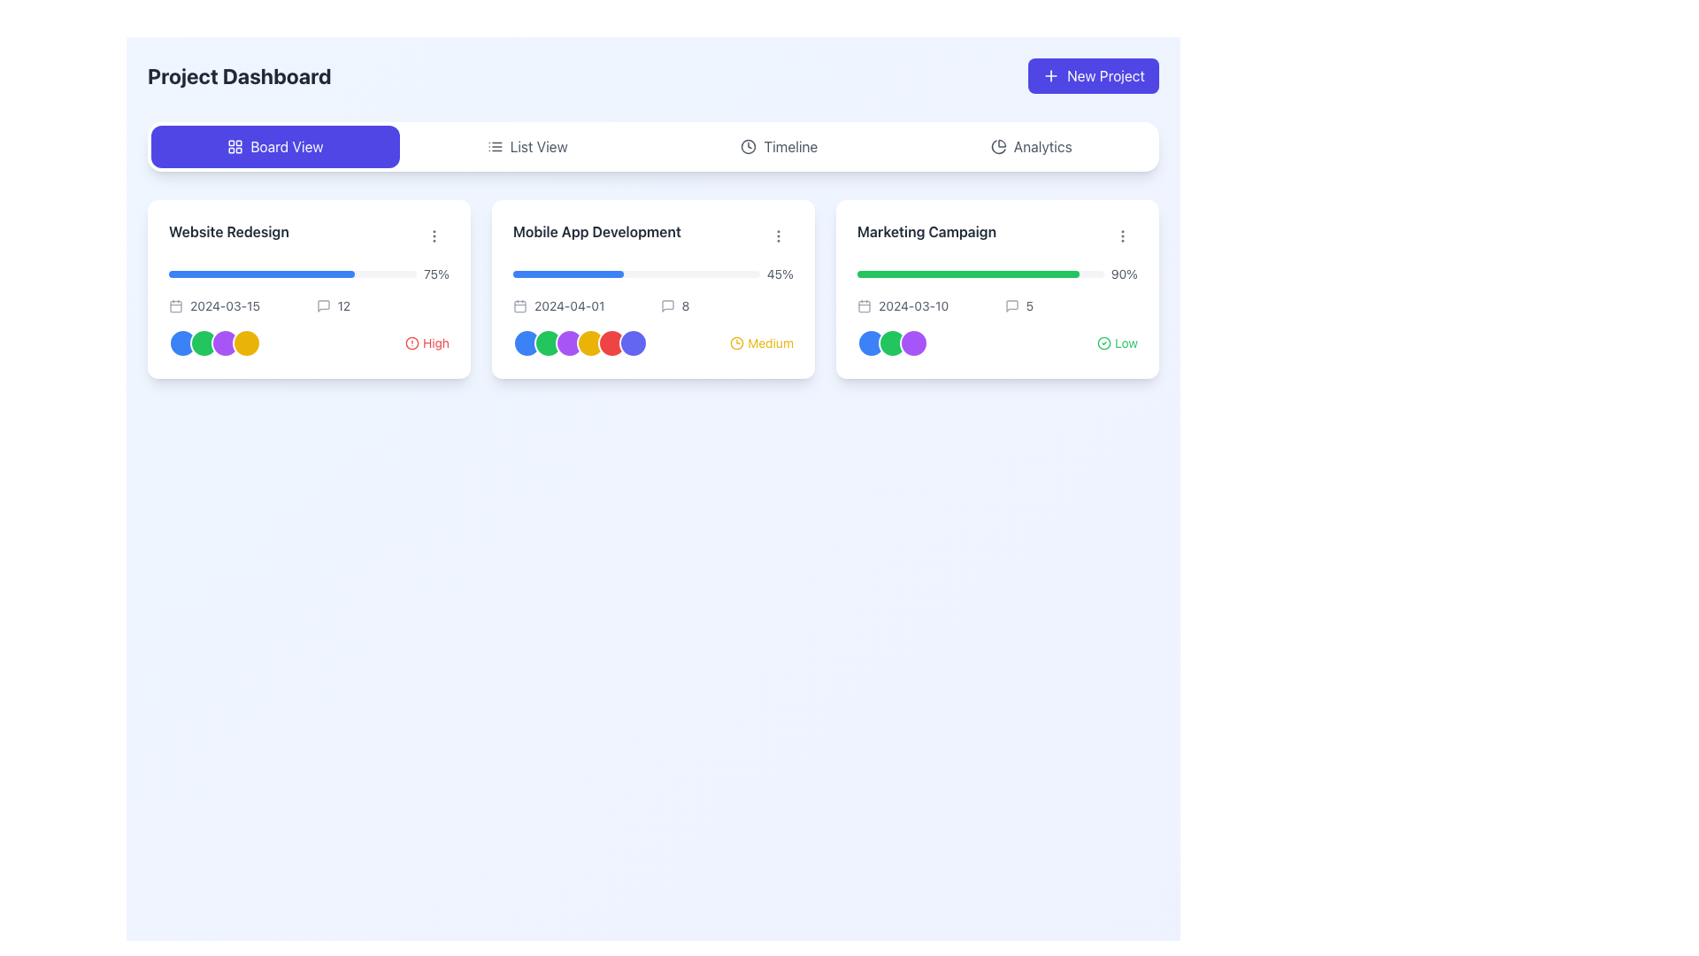  I want to click on percentage displayed on the text label located at the rightmost end of the horizontal progress bar within the 'Marketing Campaign' card, so click(1123, 274).